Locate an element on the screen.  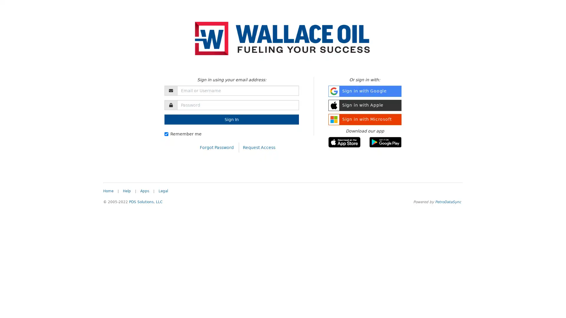
Request Access is located at coordinates (259, 147).